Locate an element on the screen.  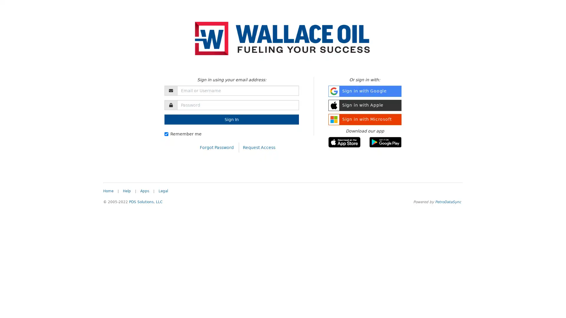
Request Access is located at coordinates (259, 147).